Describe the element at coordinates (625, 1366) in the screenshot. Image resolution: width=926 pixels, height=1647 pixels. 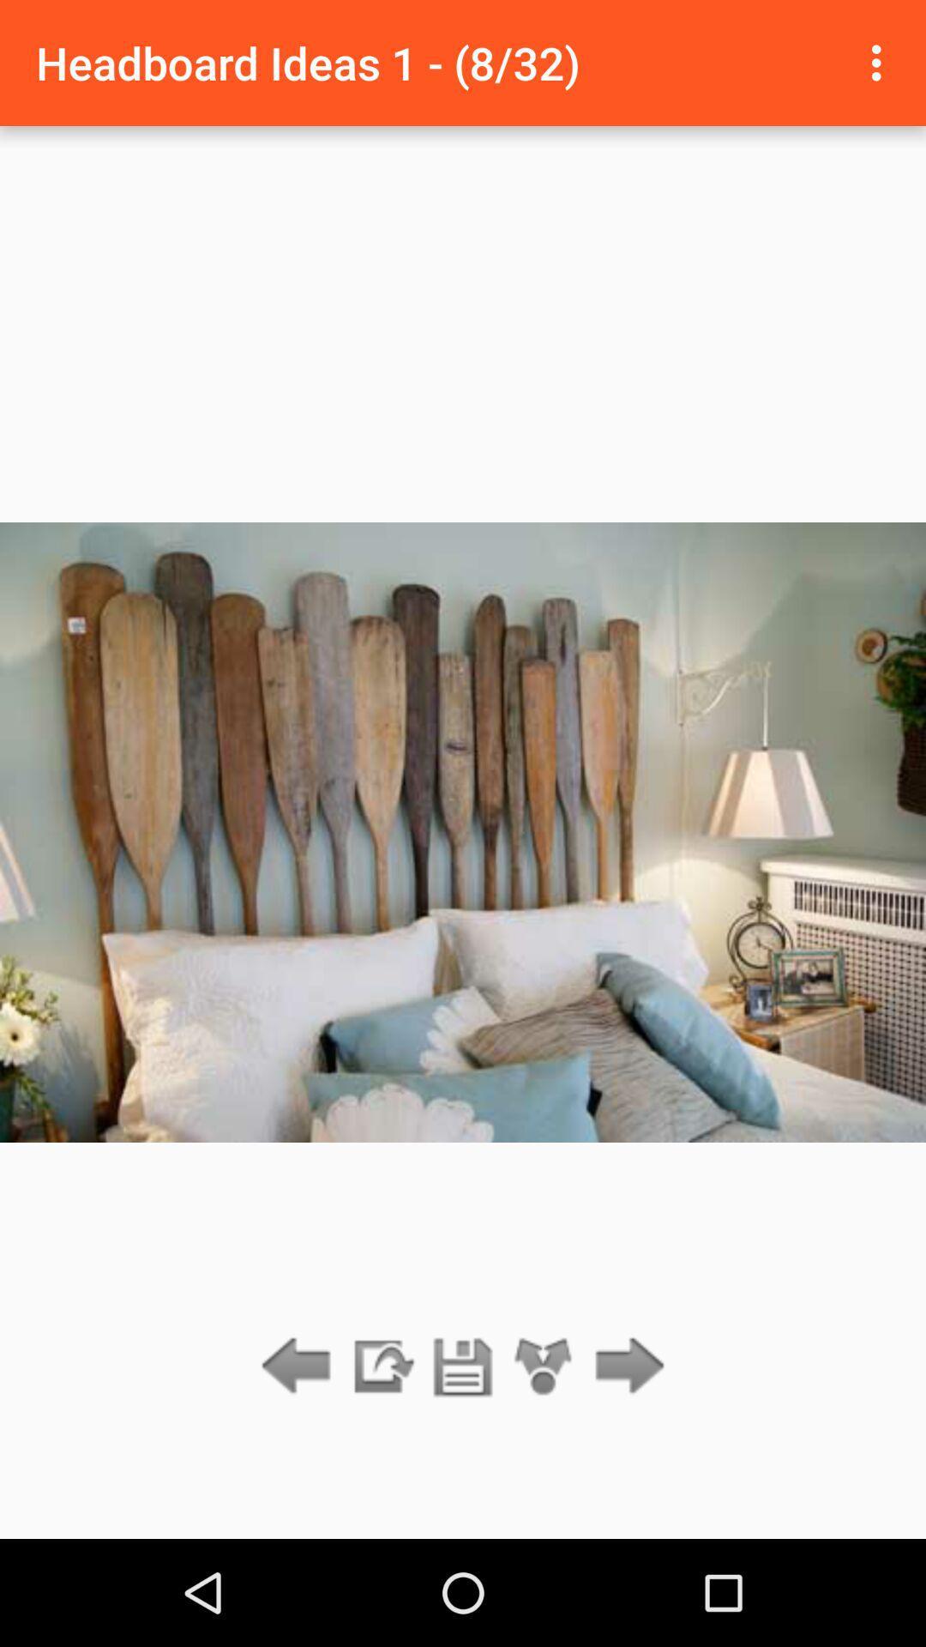
I see `the icon at the bottom right corner` at that location.